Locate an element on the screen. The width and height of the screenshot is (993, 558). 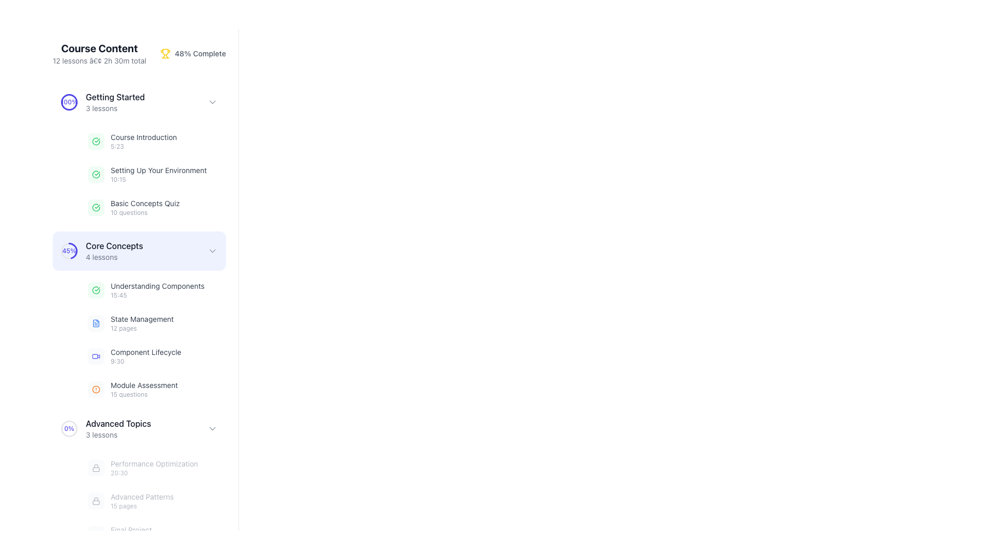
the progress indicator image, which displays the completion percentage of the associated course section, positioned to the left of the 'Getting Started' text is located at coordinates (69, 102).